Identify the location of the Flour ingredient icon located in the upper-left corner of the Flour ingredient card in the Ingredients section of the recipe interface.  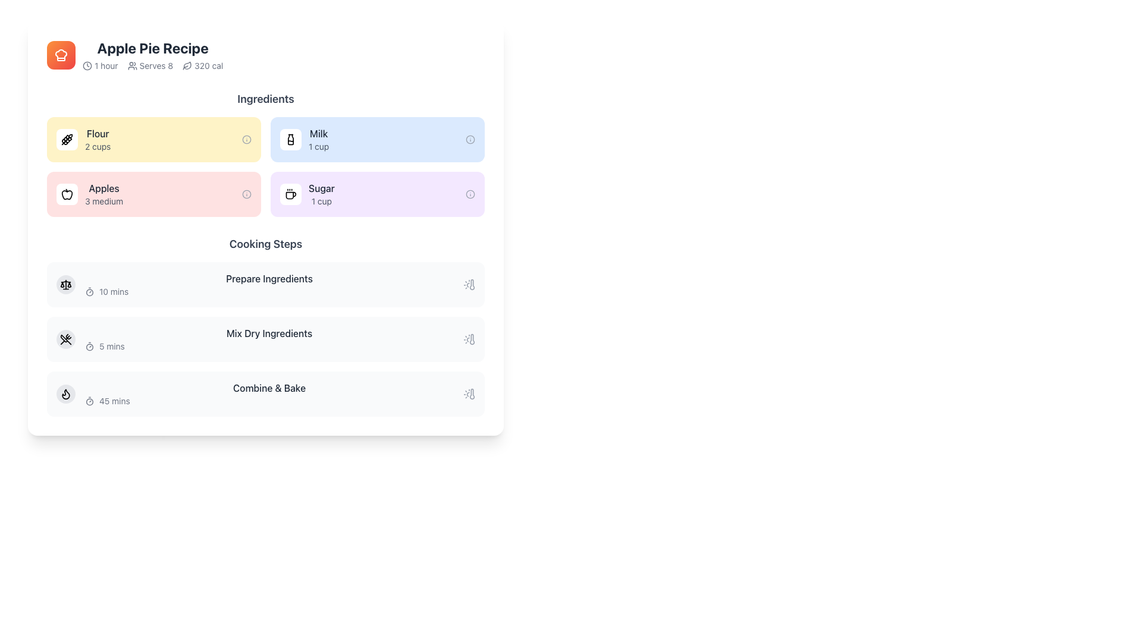
(67, 139).